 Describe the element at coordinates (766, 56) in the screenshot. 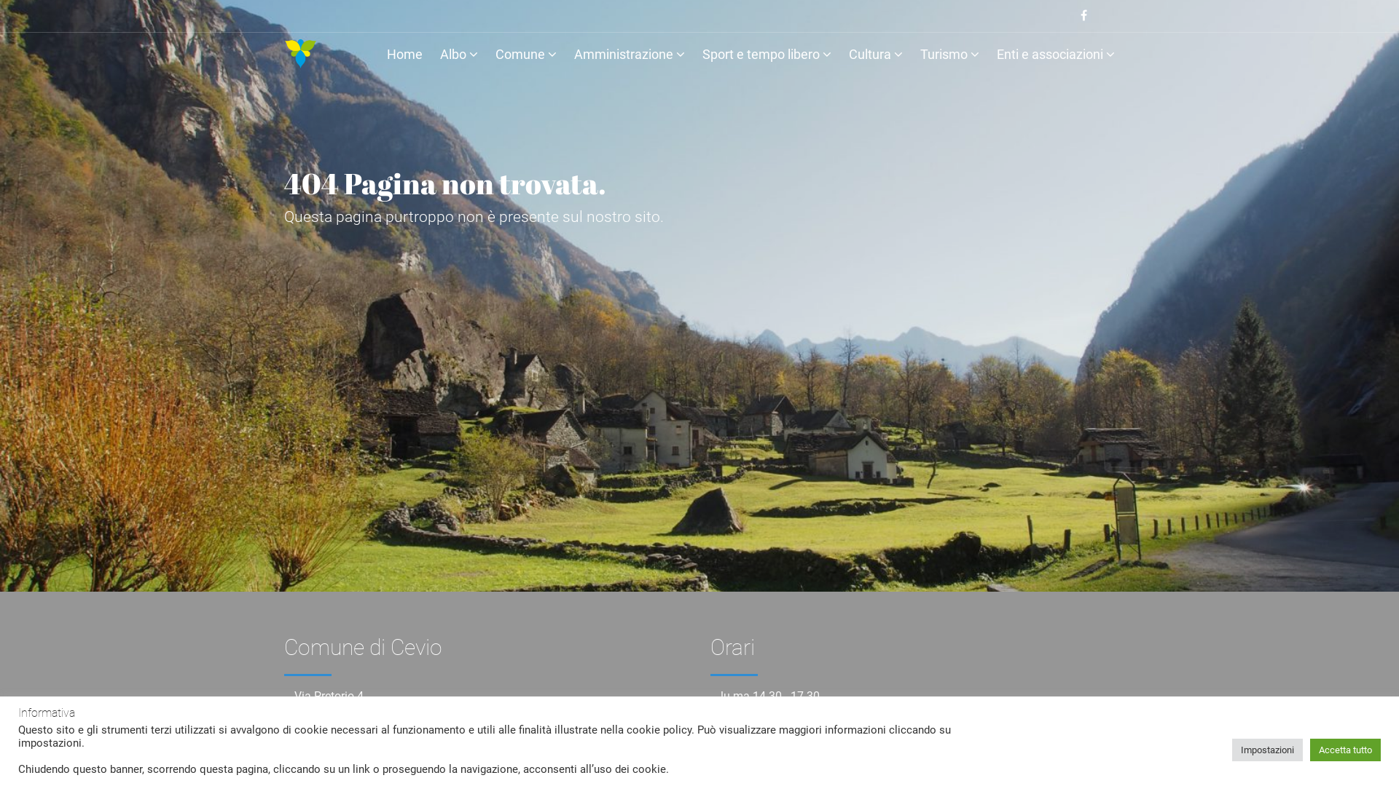

I see `'Sport e tempo libero'` at that location.